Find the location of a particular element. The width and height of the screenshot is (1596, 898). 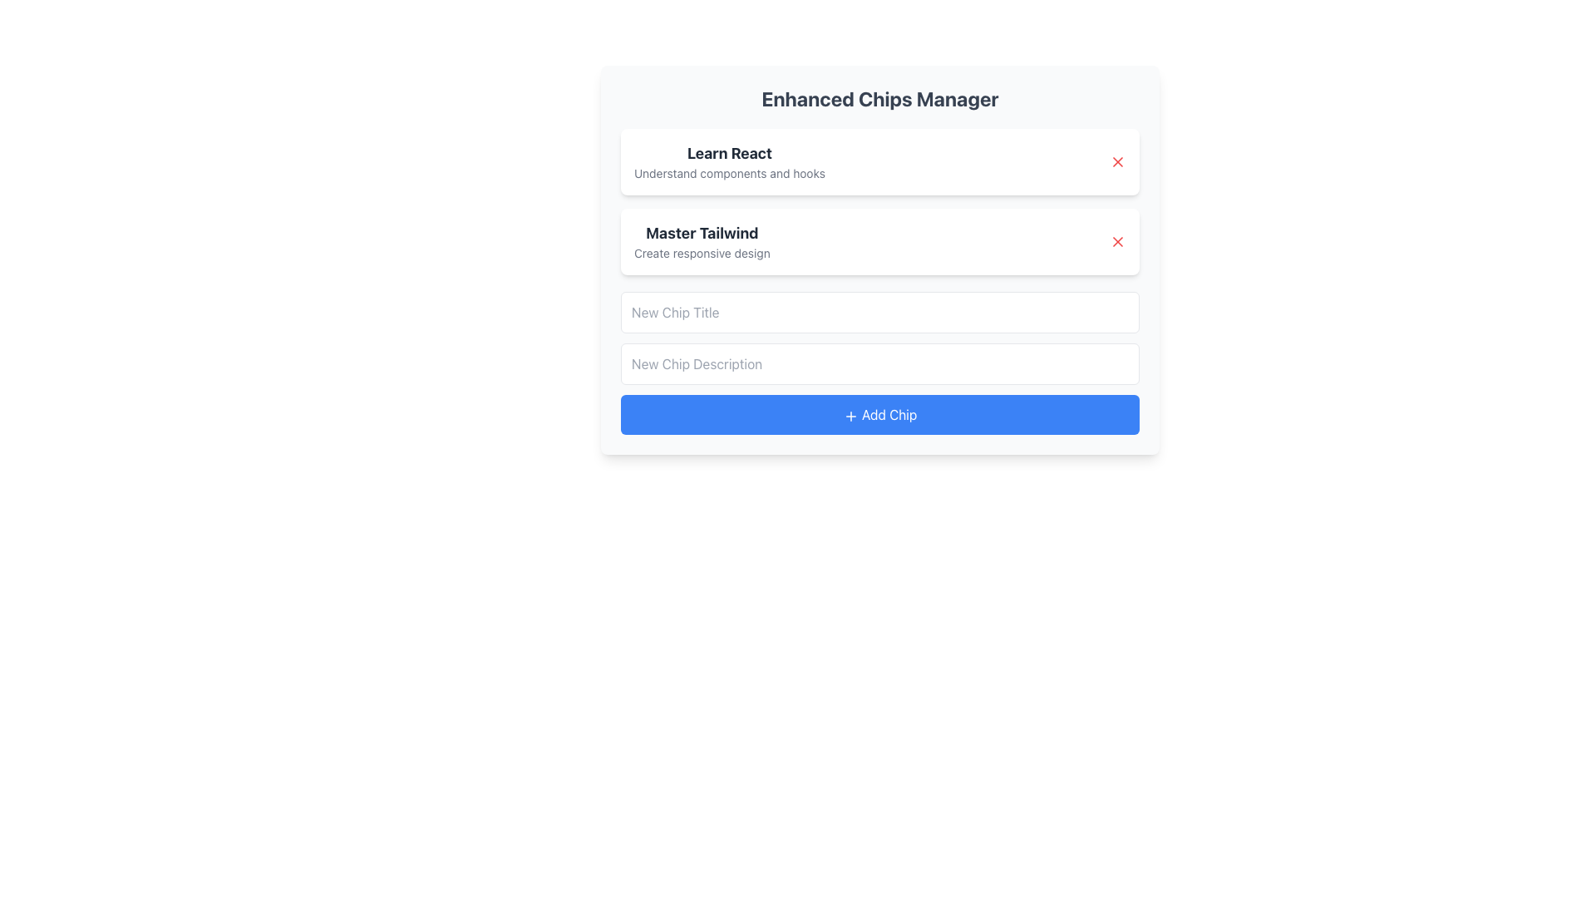

the Text Label element that serves as a heading for the group, summarizing the content with 'Learn React' is located at coordinates (730, 154).